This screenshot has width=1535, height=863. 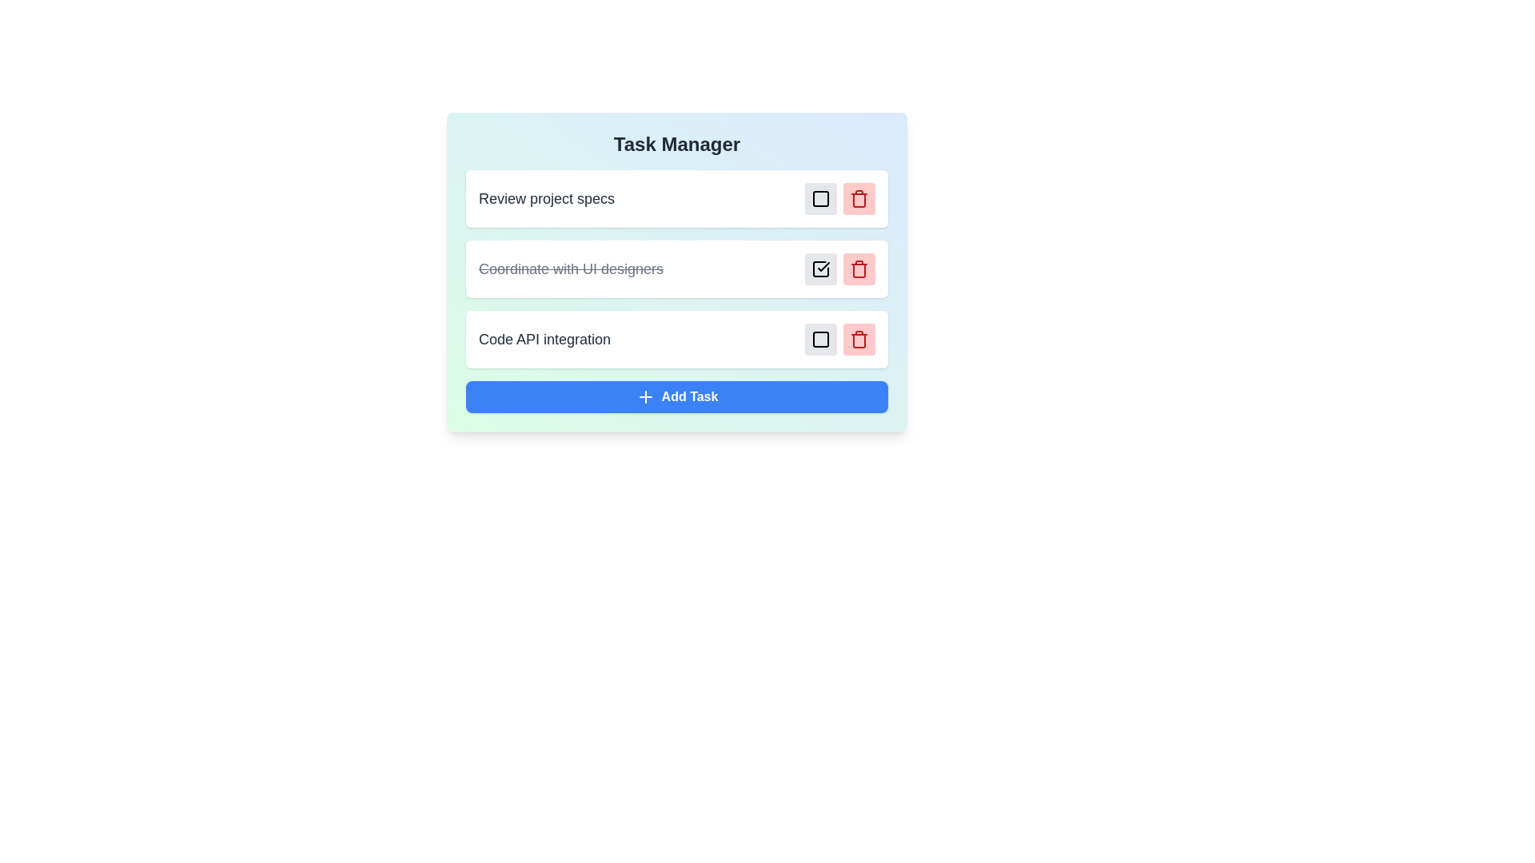 What do you see at coordinates (859, 338) in the screenshot?
I see `delete button for the task identified by Code API integration` at bounding box center [859, 338].